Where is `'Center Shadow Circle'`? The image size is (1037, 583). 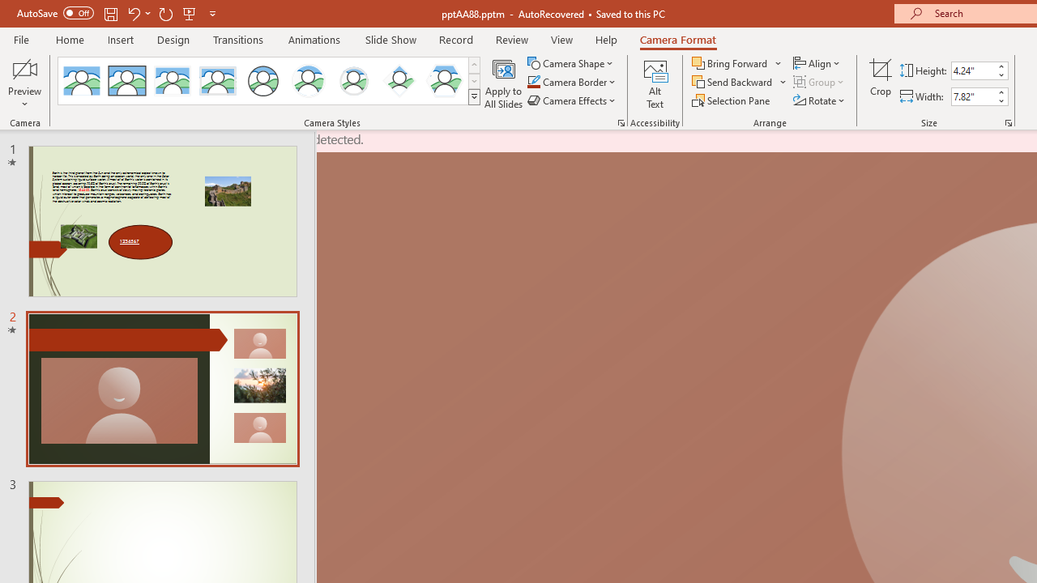
'Center Shadow Circle' is located at coordinates (309, 81).